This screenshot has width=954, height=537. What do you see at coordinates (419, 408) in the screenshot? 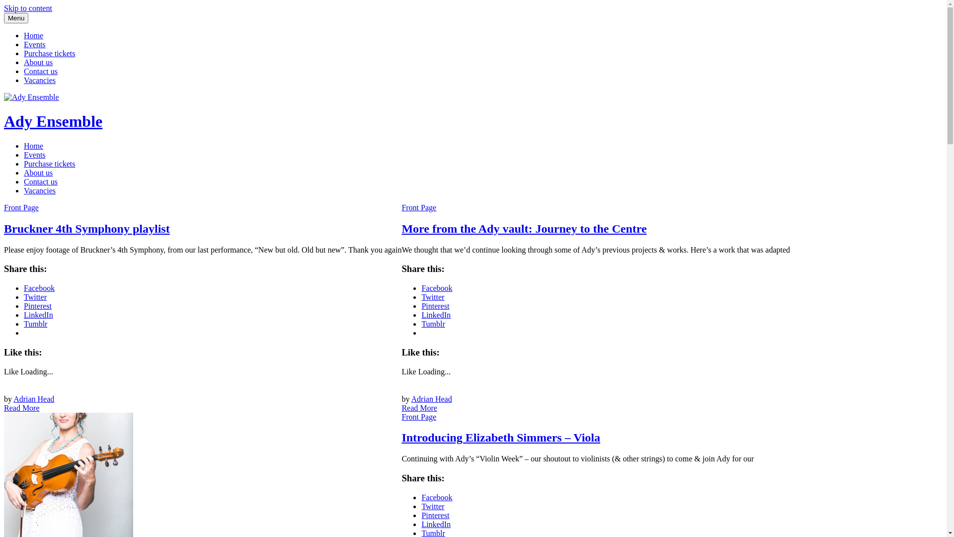
I see `'Read More'` at bounding box center [419, 408].